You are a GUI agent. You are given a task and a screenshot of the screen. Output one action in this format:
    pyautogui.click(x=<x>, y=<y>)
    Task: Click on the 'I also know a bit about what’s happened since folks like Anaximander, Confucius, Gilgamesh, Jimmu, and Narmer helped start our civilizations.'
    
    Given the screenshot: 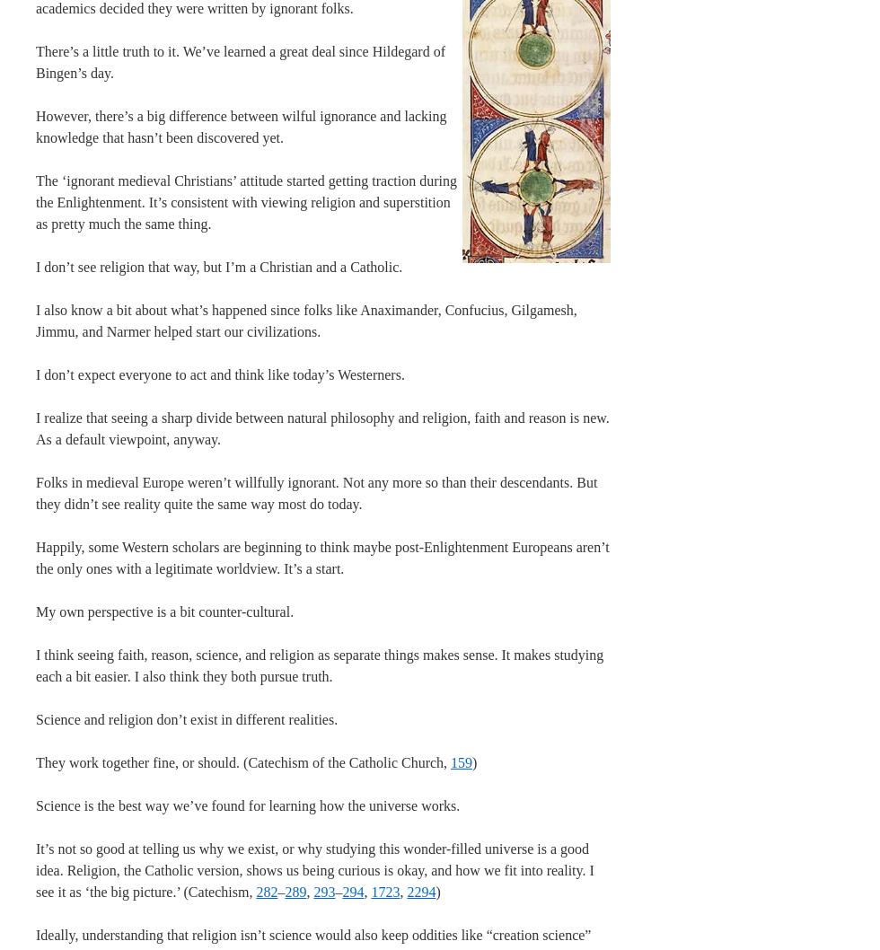 What is the action you would take?
    pyautogui.click(x=35, y=321)
    